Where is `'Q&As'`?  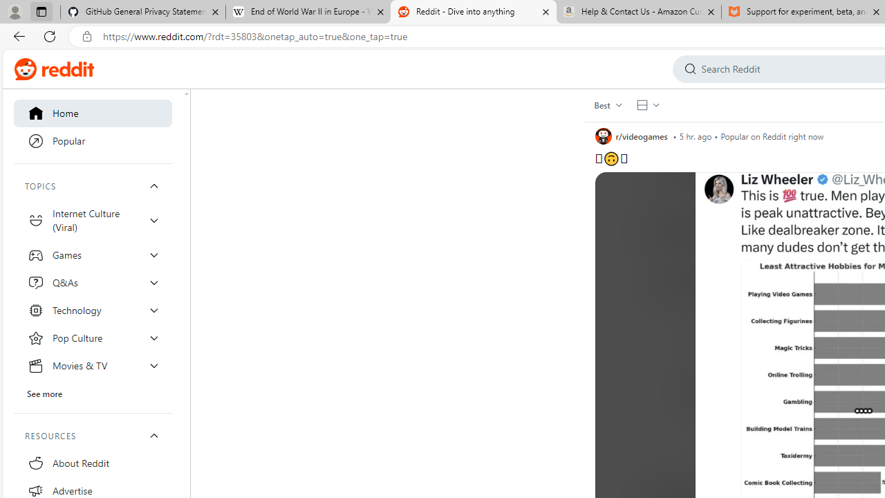 'Q&As' is located at coordinates (93, 282).